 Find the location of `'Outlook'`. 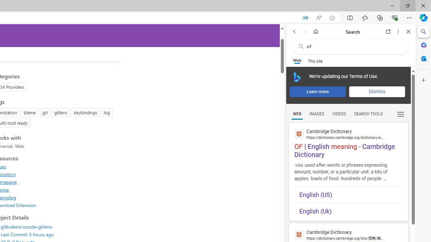

'Outlook' is located at coordinates (423, 58).